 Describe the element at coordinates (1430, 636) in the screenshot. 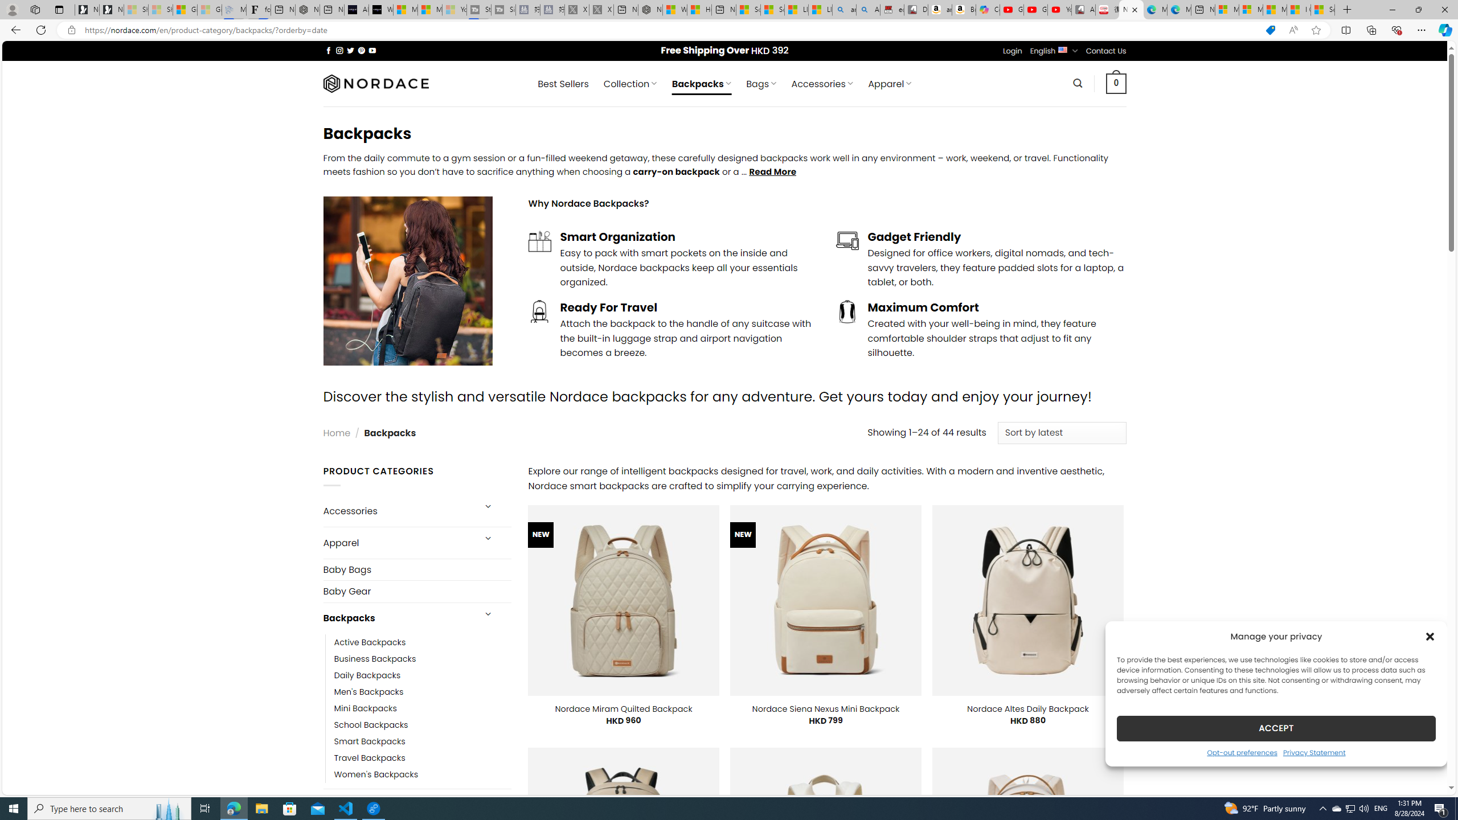

I see `'Class: cmplz-close'` at that location.